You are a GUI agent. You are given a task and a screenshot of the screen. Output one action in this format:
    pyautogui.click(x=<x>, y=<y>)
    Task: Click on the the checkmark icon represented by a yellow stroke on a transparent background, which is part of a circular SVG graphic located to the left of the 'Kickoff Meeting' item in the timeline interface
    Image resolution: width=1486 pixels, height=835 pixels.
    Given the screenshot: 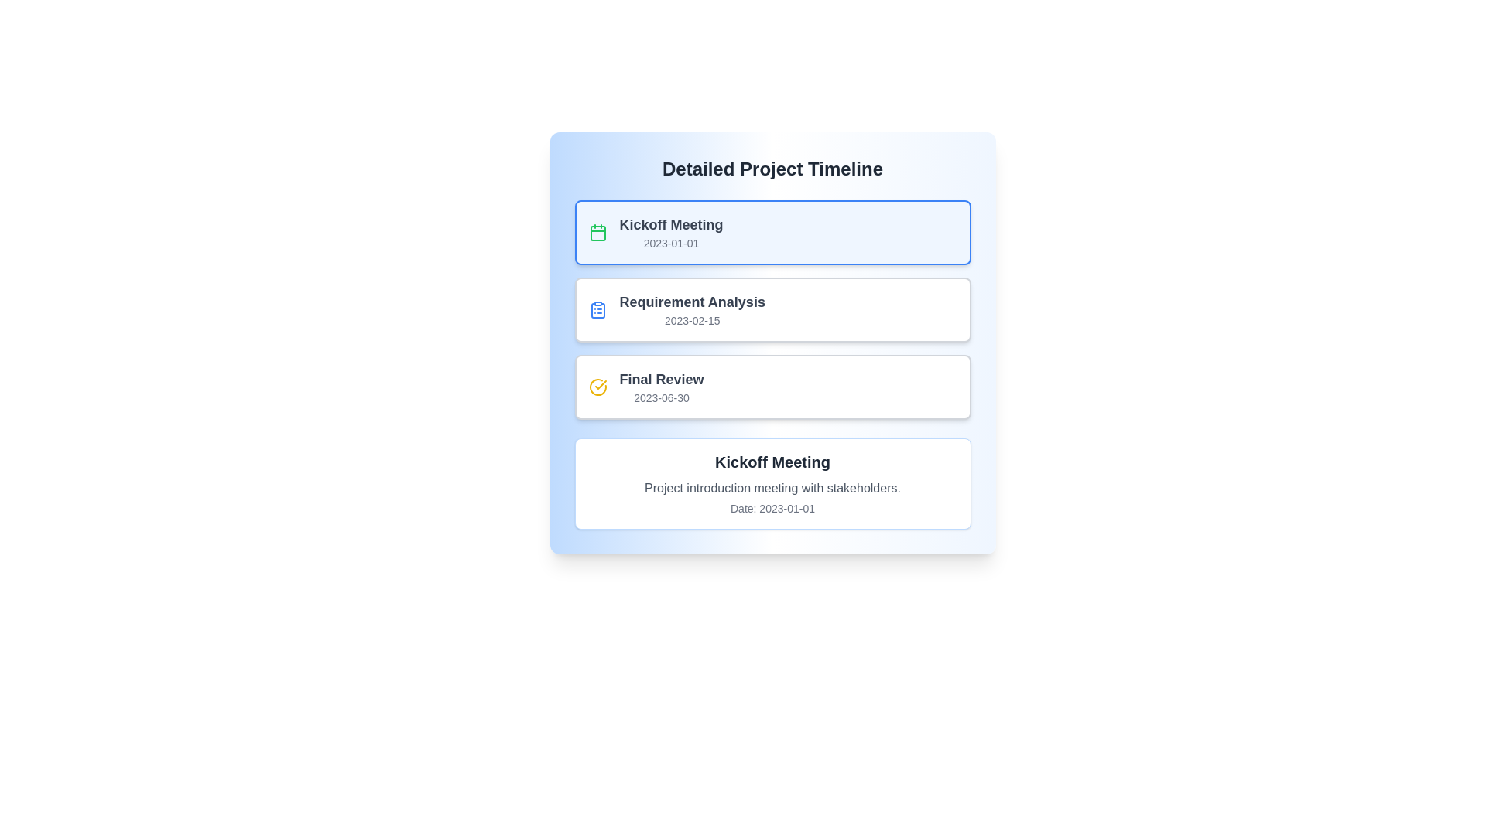 What is the action you would take?
    pyautogui.click(x=600, y=383)
    